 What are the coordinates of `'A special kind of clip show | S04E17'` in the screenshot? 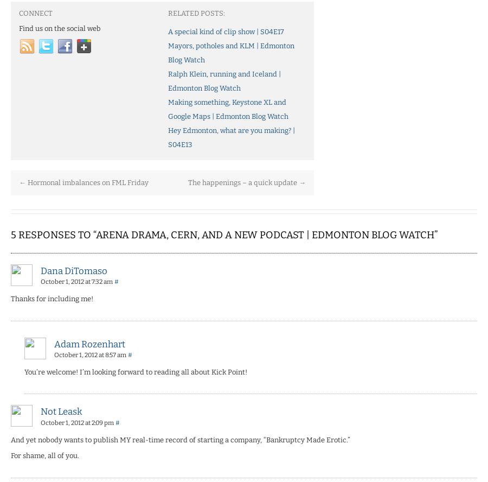 It's located at (226, 30).